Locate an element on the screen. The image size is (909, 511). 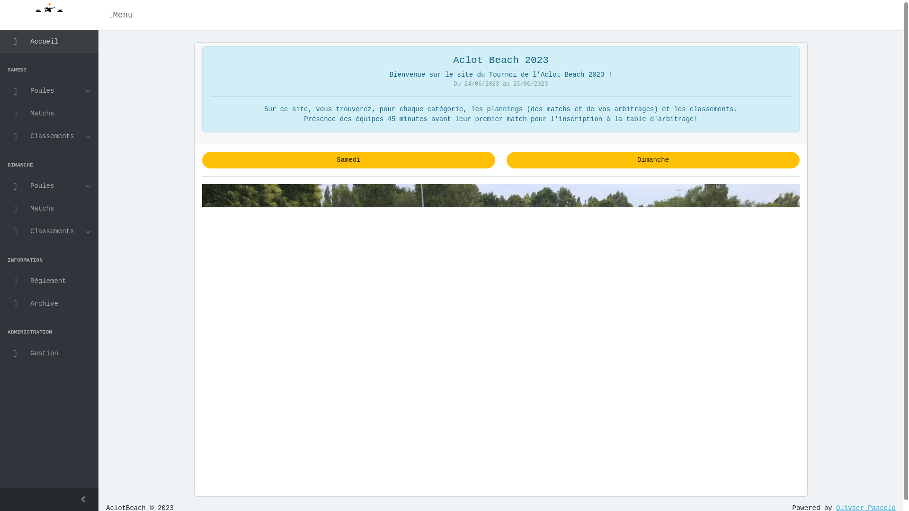
'Archive' is located at coordinates (49, 303).